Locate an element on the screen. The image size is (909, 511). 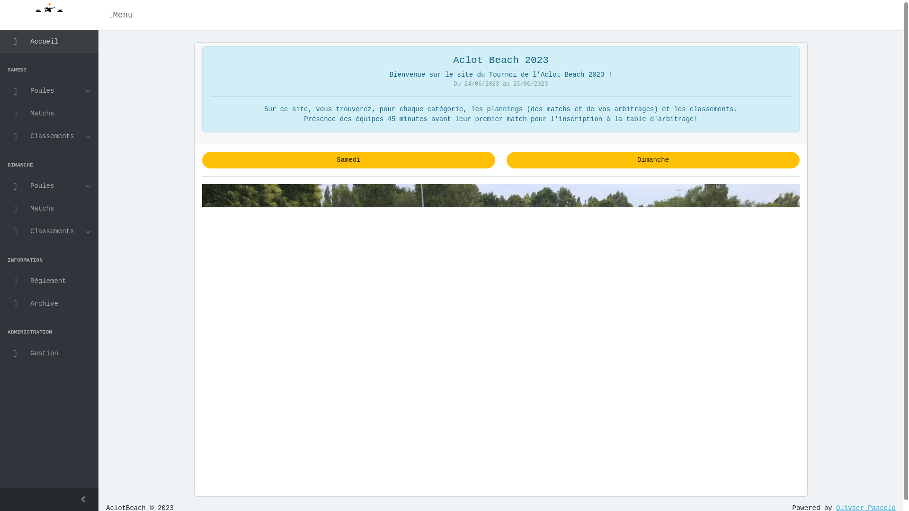
'Archive' is located at coordinates (49, 303).